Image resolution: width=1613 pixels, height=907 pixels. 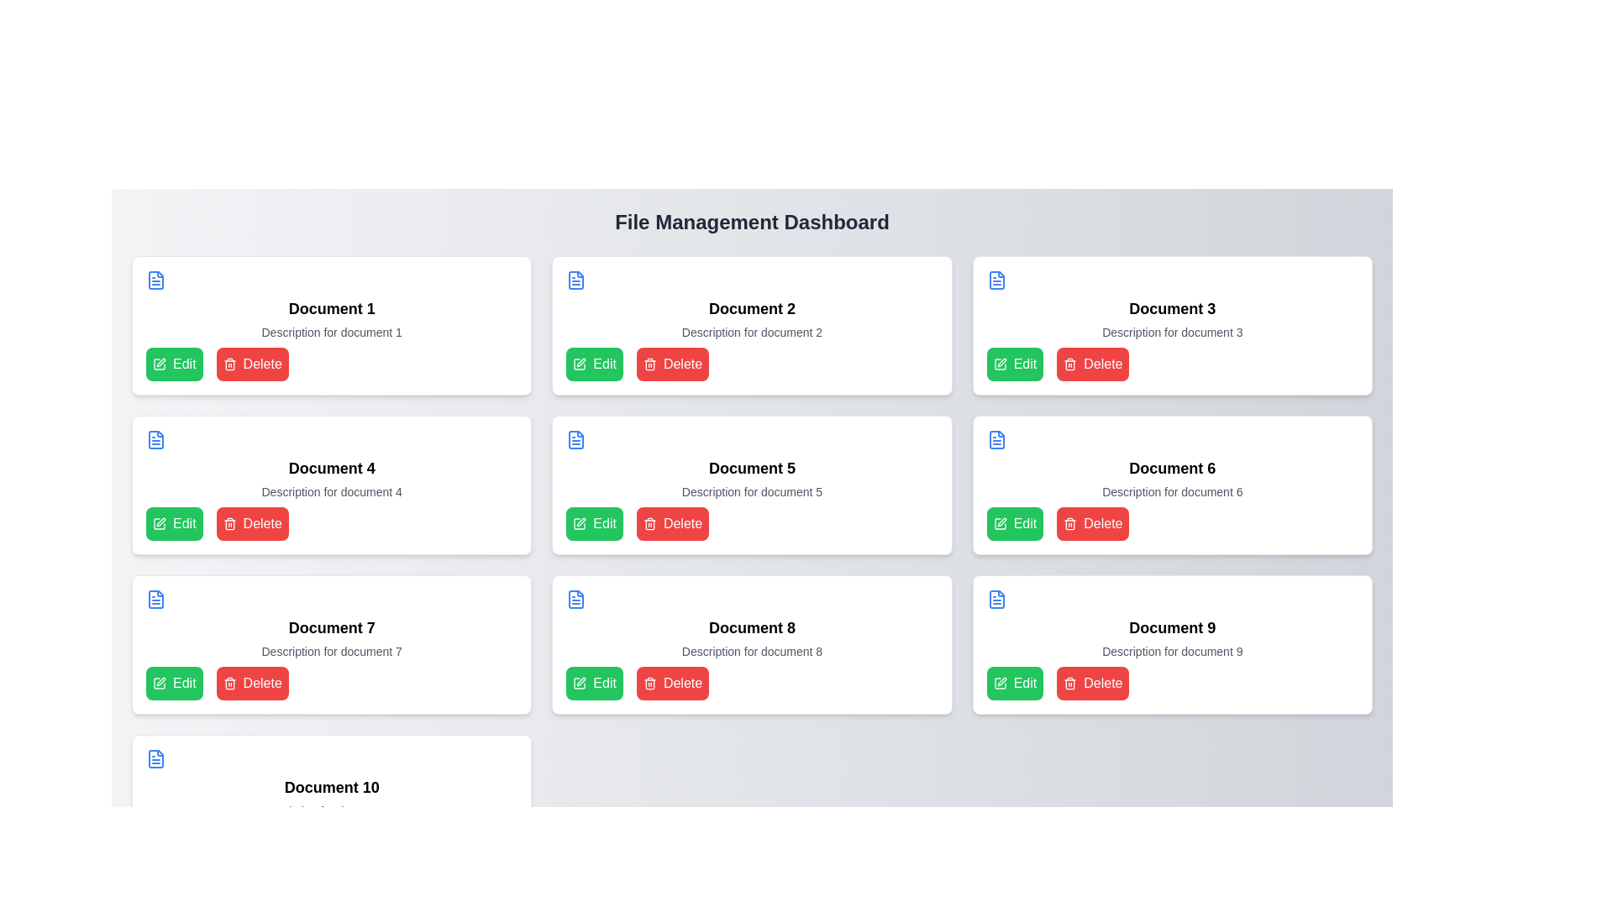 What do you see at coordinates (595, 683) in the screenshot?
I see `the green 'Edit' button with rounded edges and a pen icon, located in the lower-right card under 'Document 8'` at bounding box center [595, 683].